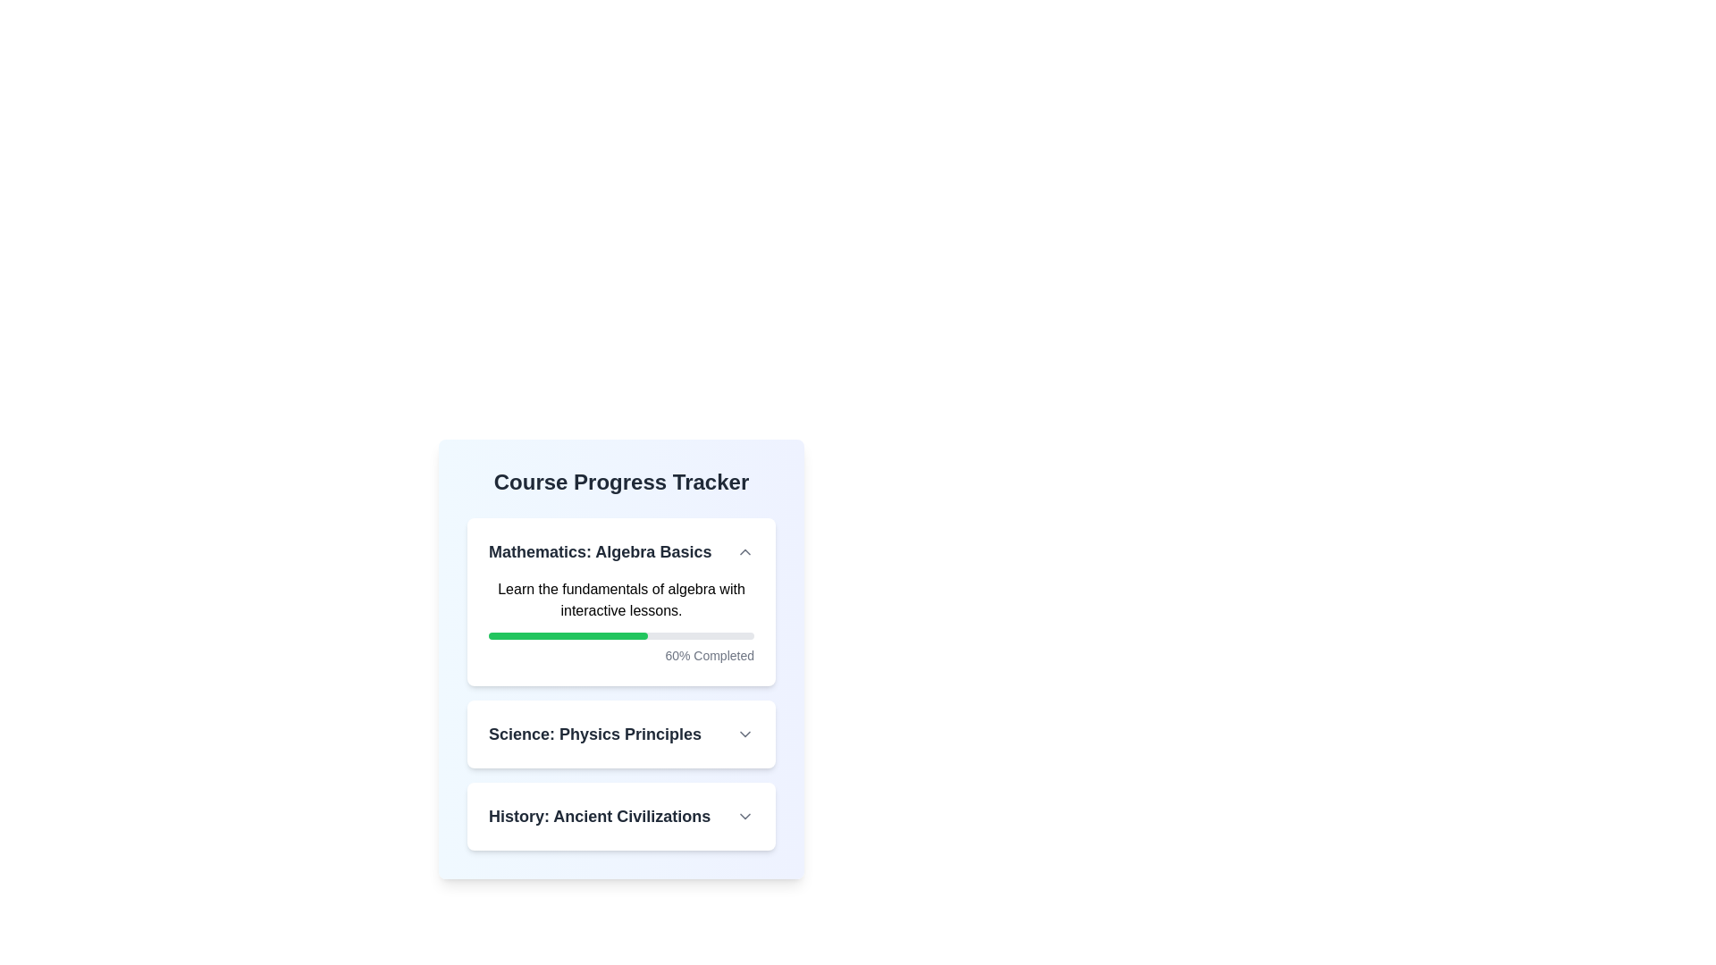 The image size is (1716, 965). Describe the element at coordinates (621, 635) in the screenshot. I see `the horizontal progress bar indicating 60% completion, located below the 'Learn the fundamentals of algebra with interactive lessons.' text in the 'Mathematics: Algebra Basics' subsection of the 'Course Progress Tracker' interface` at that location.